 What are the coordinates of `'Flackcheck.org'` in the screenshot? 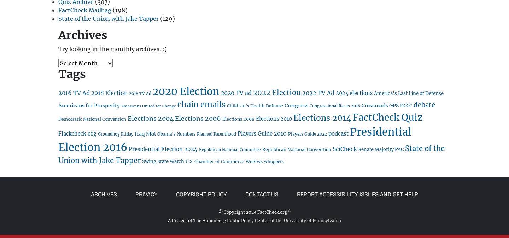 It's located at (77, 133).